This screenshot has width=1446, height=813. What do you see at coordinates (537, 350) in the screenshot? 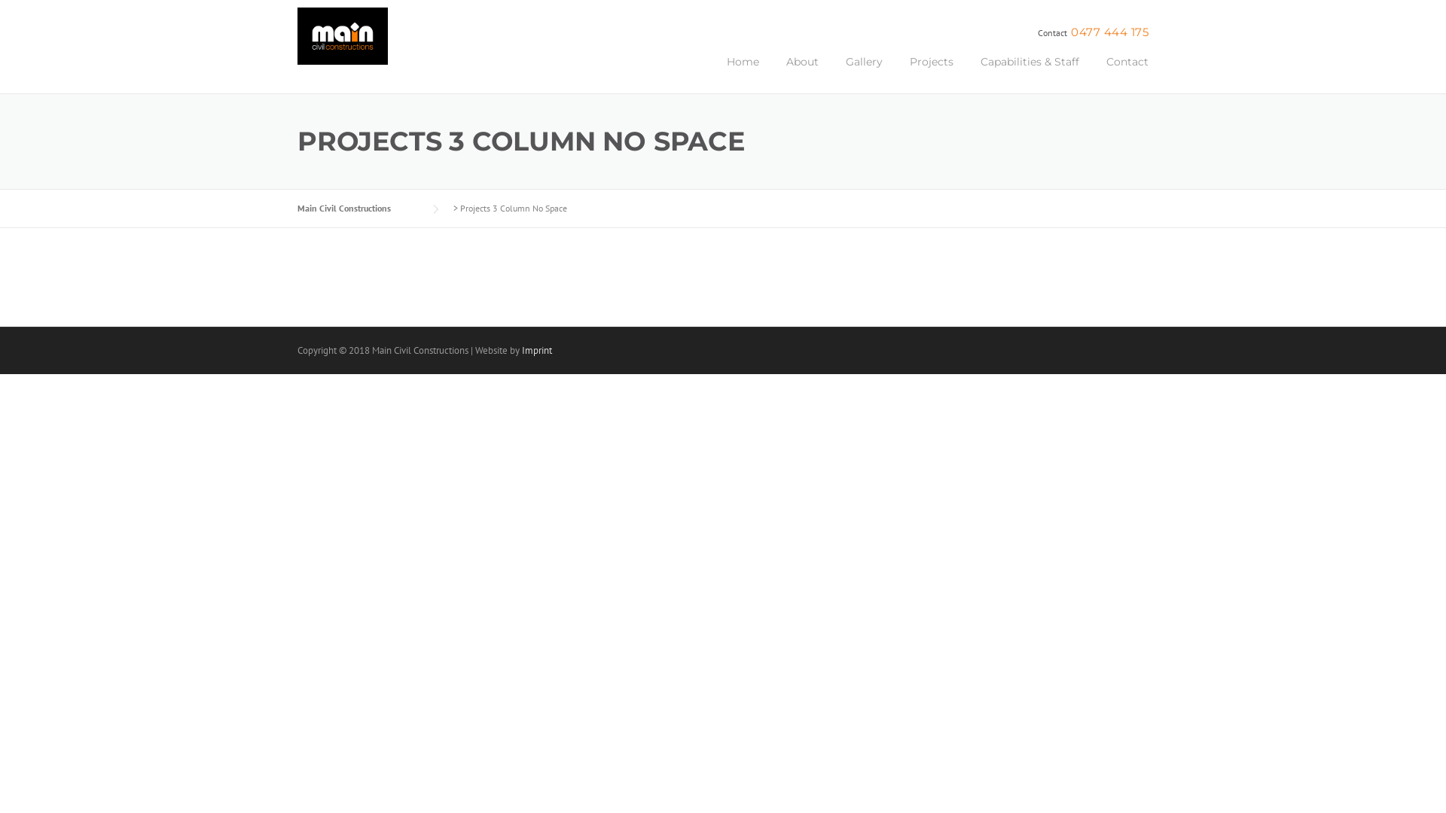
I see `'Imprint'` at bounding box center [537, 350].